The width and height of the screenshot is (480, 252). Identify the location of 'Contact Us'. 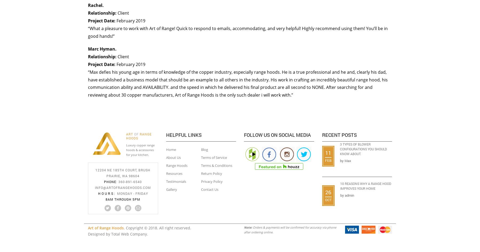
(209, 189).